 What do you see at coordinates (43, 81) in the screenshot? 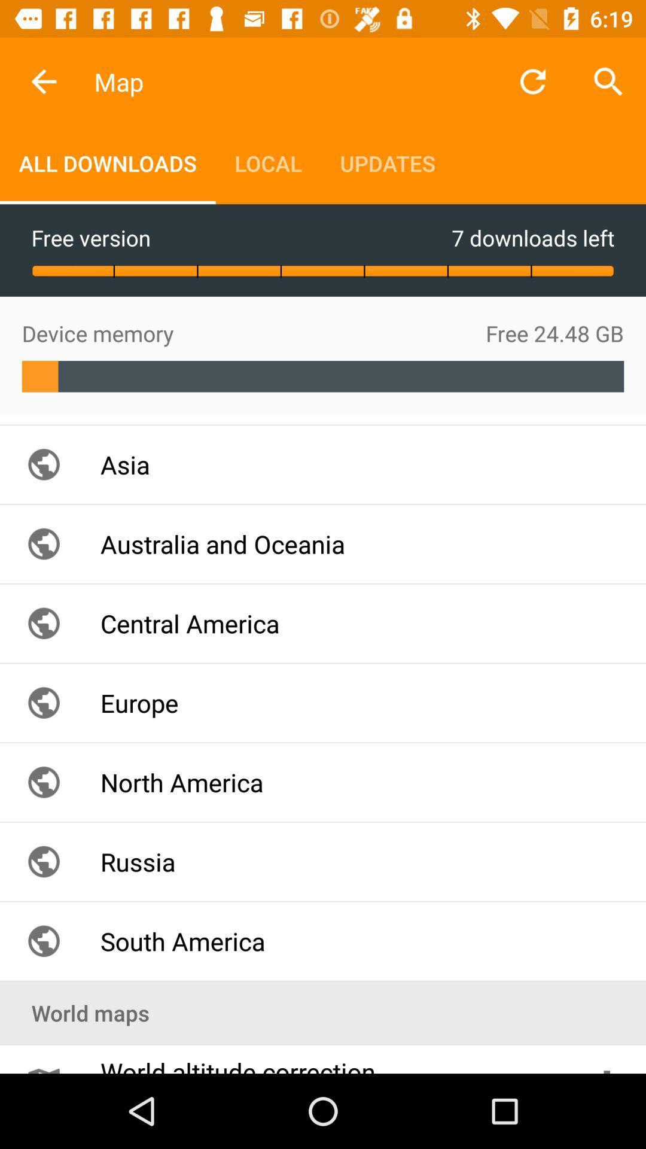
I see `icon to the left of map icon` at bounding box center [43, 81].